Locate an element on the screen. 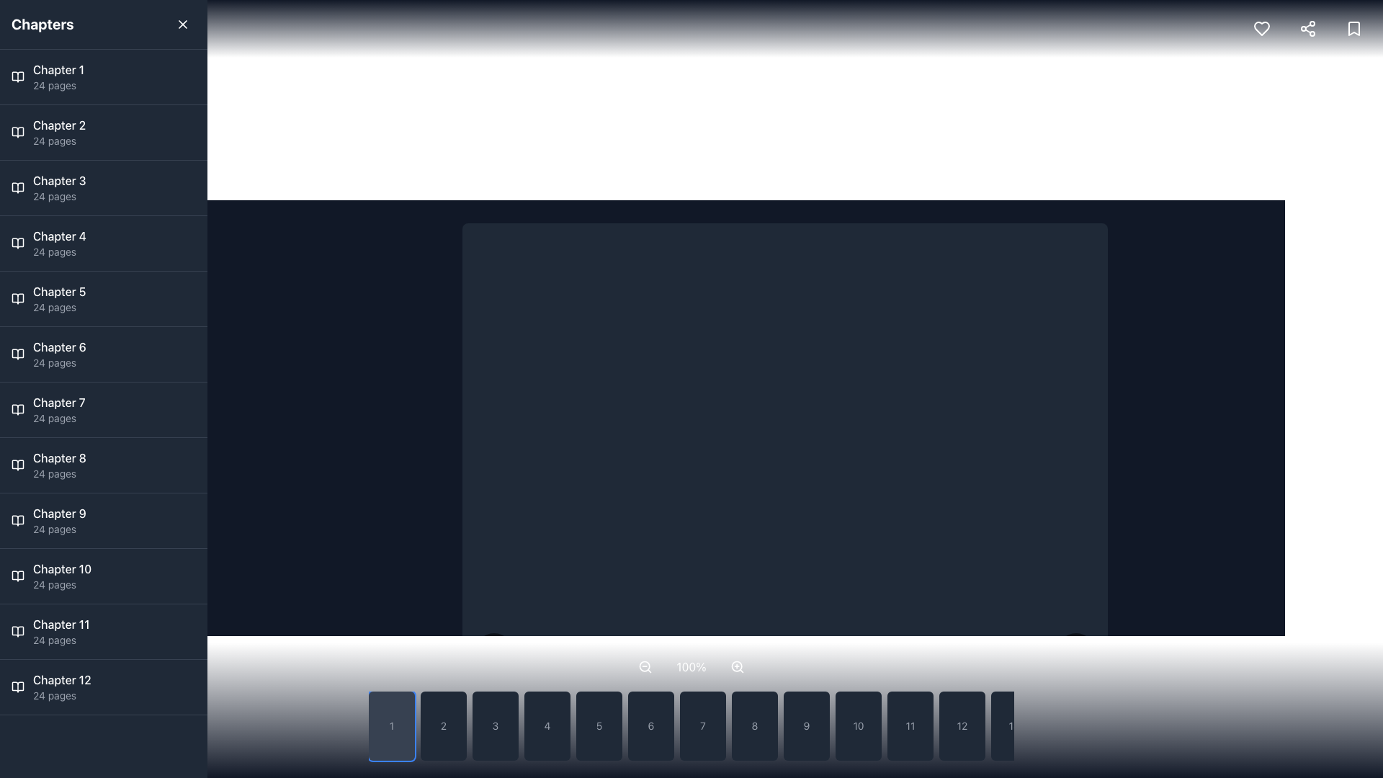 Image resolution: width=1383 pixels, height=778 pixels. the dark gray button displaying the number '6' located sixth from the left in the navigation bar is located at coordinates (650, 725).